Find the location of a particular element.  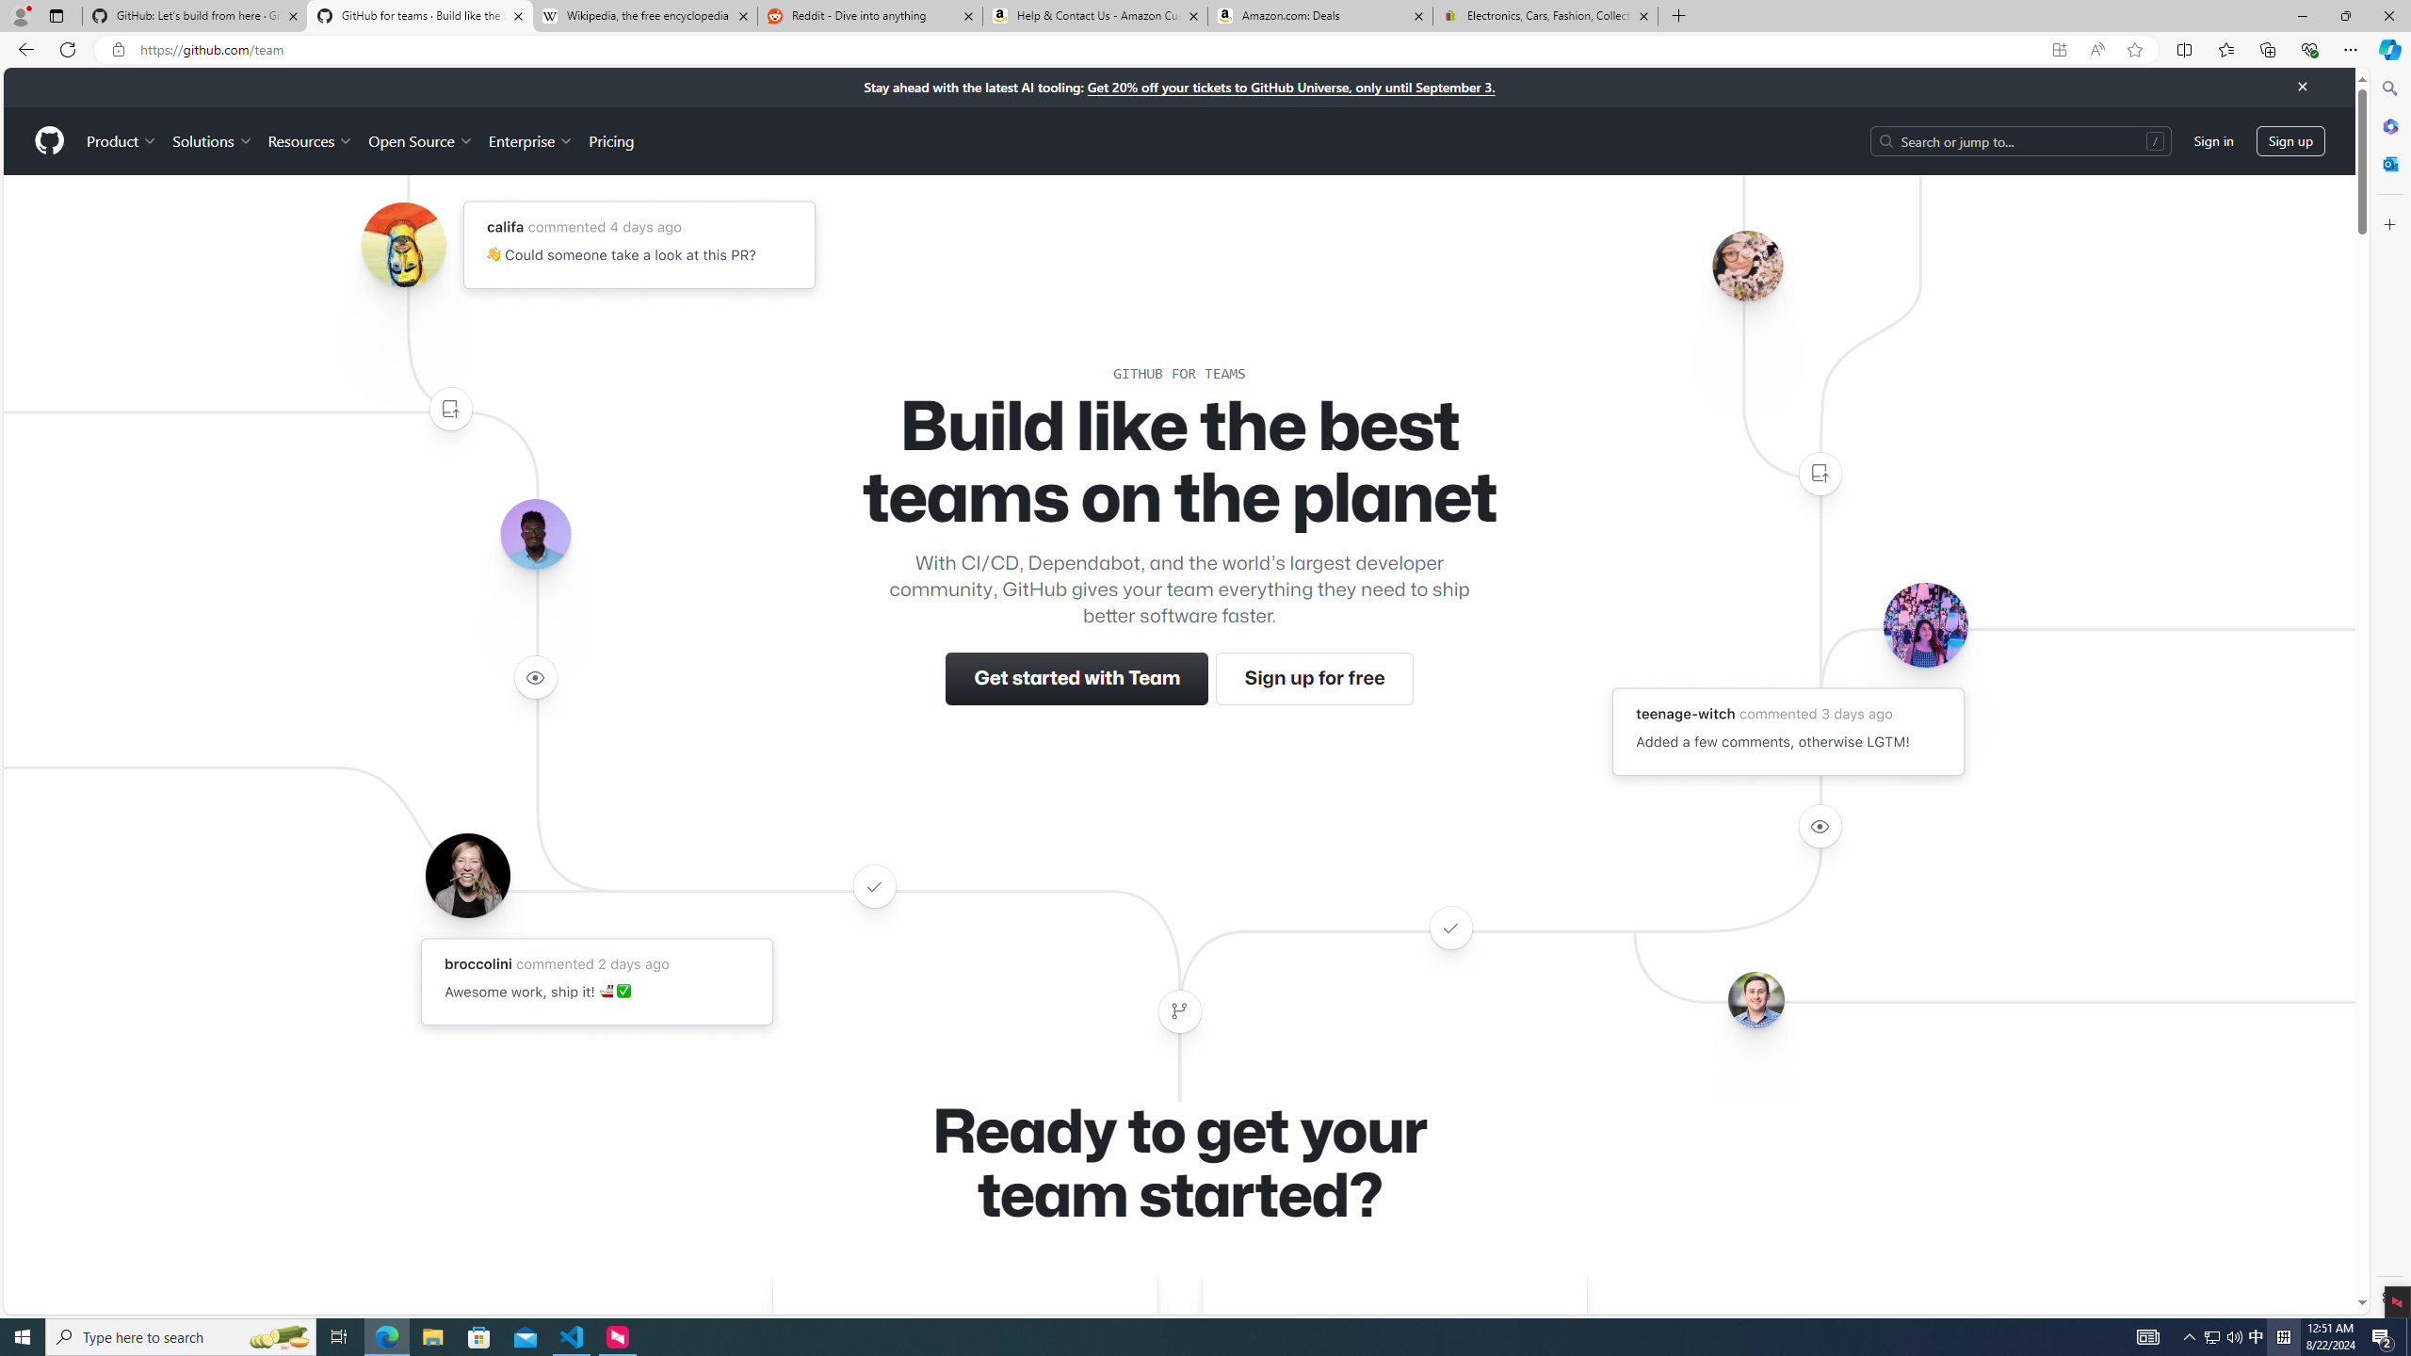

'Pricing' is located at coordinates (610, 140).